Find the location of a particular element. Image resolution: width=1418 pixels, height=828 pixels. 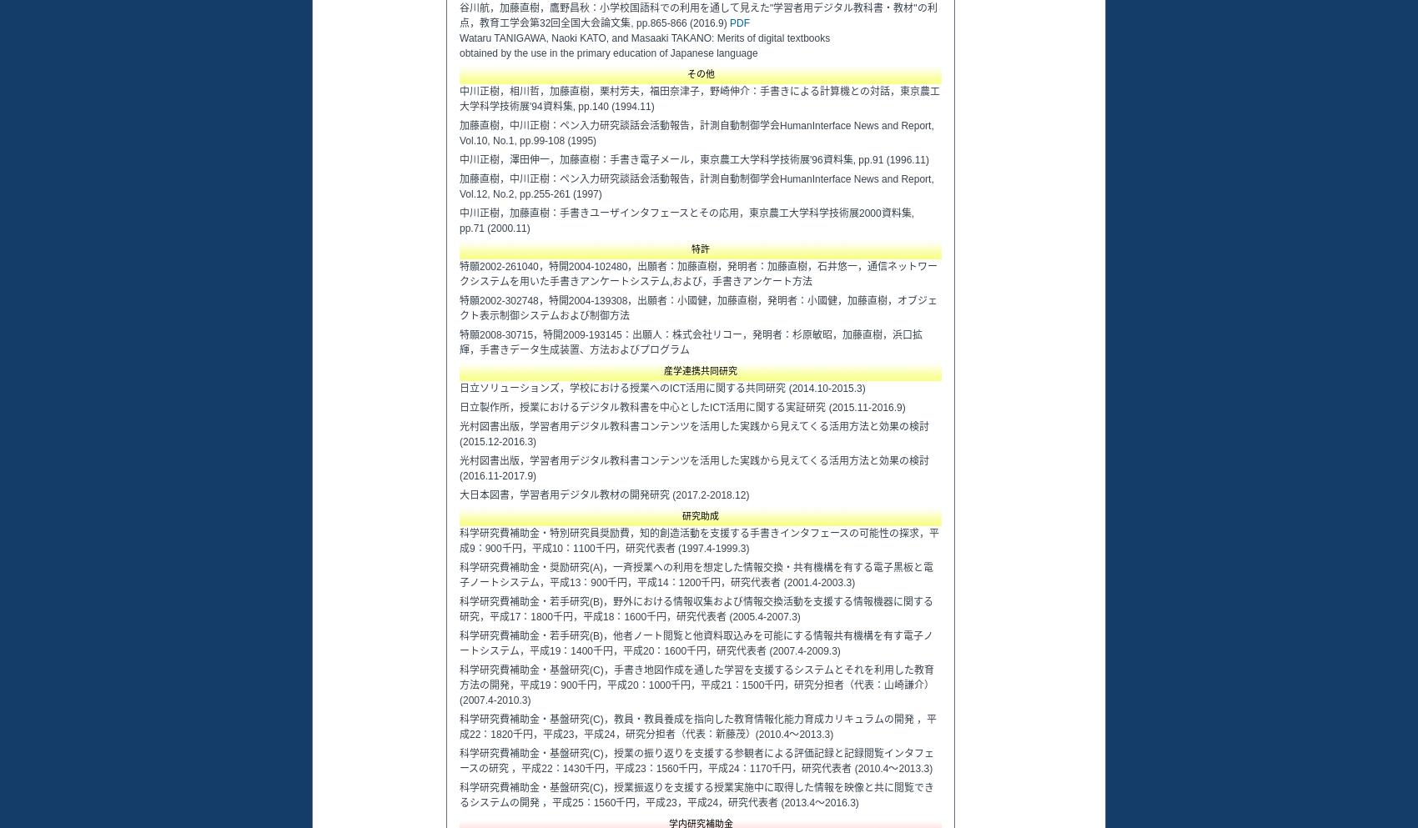

'日立製作所，授業におけるデジタル教科書を中心としたICT活用に関する実証研究 (2015.11-2016.9)' is located at coordinates (681, 406).